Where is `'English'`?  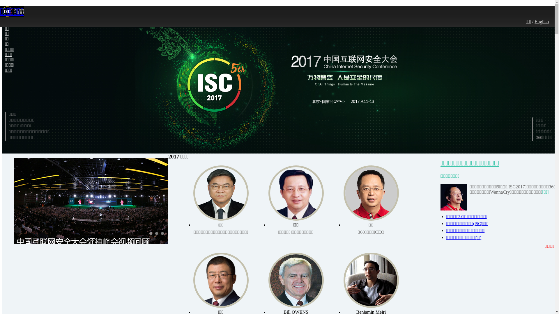
'English' is located at coordinates (541, 21).